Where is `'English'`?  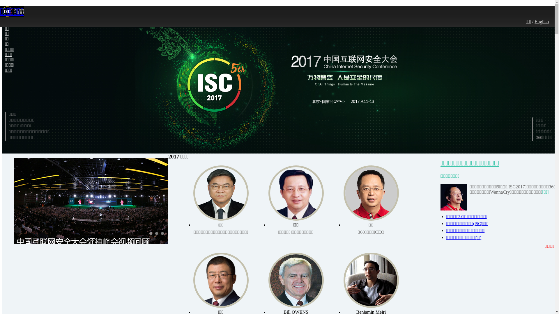
'English' is located at coordinates (541, 21).